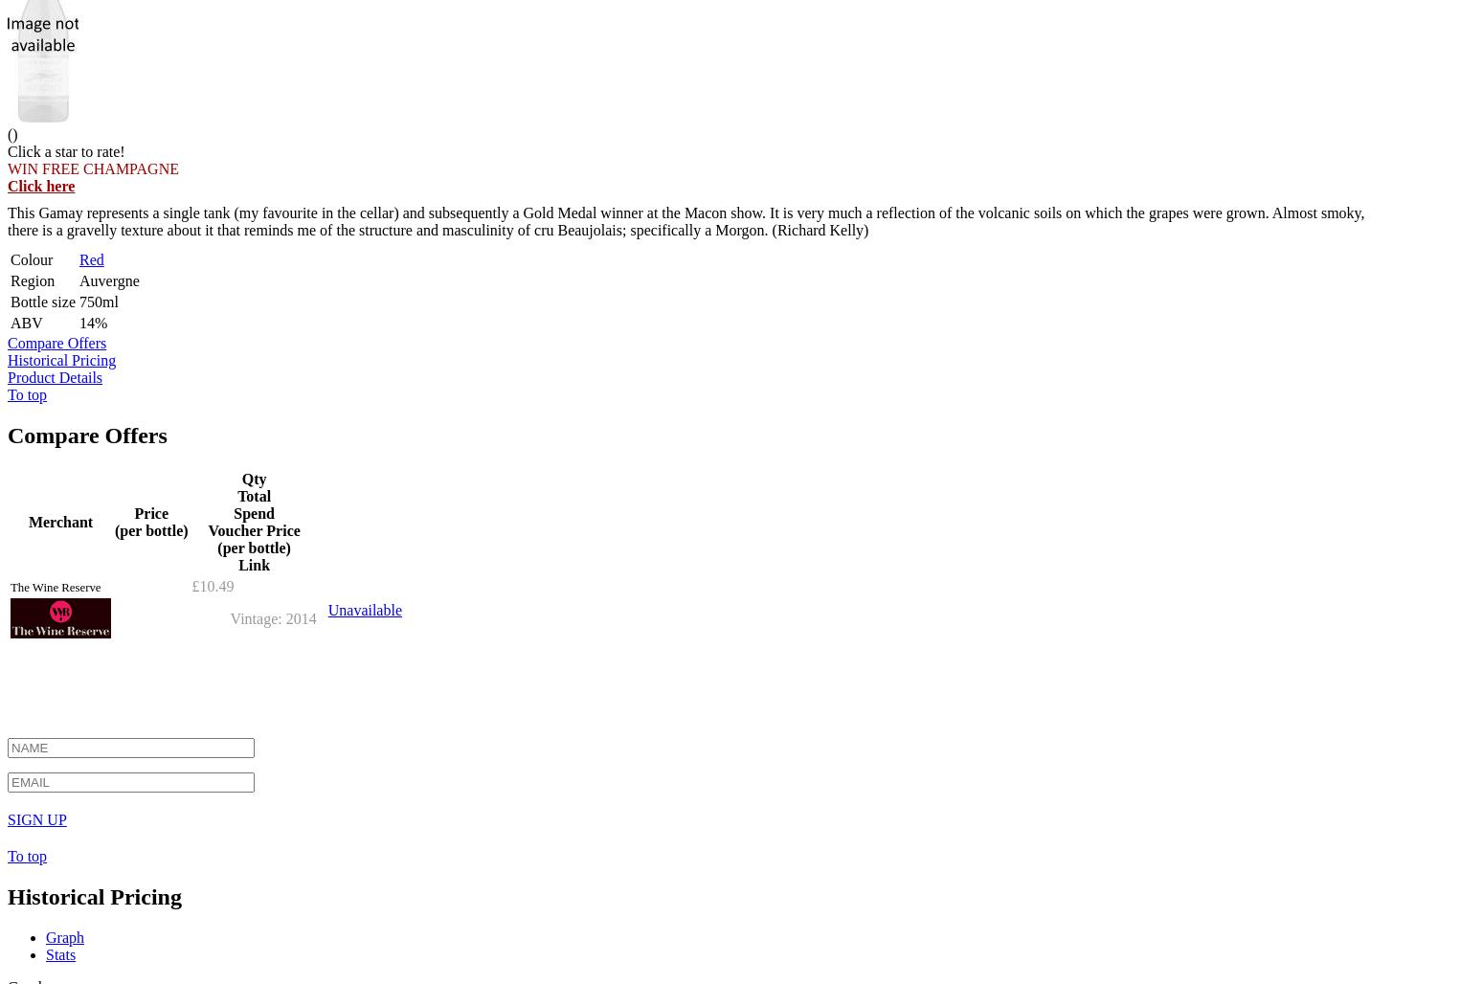 This screenshot has width=1460, height=984. What do you see at coordinates (64, 935) in the screenshot?
I see `'Graph'` at bounding box center [64, 935].